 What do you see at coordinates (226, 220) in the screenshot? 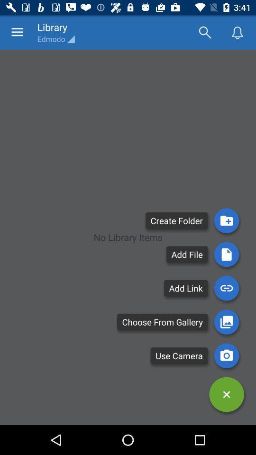
I see `the folder icon` at bounding box center [226, 220].